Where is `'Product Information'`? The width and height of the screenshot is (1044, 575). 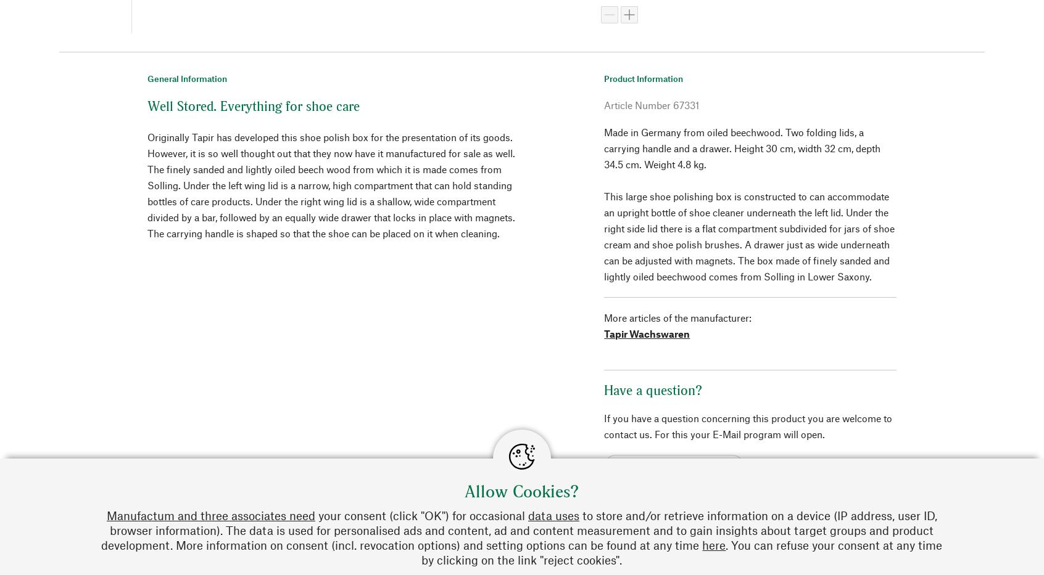 'Product Information' is located at coordinates (642, 77).